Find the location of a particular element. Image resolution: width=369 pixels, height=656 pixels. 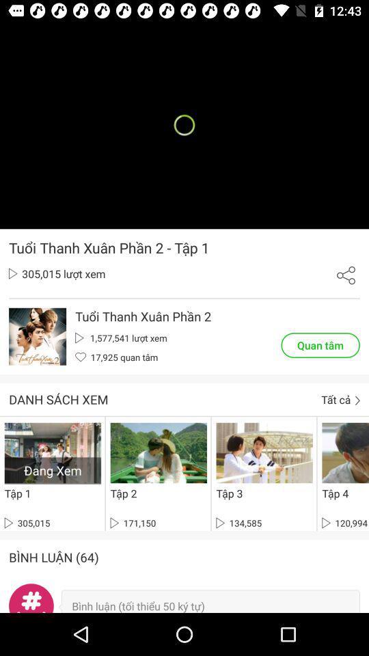

120,994 item is located at coordinates (344, 522).